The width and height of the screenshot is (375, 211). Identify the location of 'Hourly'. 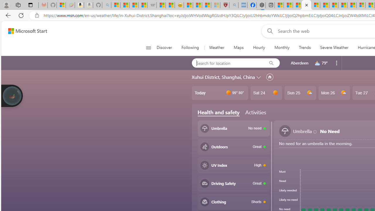
(259, 47).